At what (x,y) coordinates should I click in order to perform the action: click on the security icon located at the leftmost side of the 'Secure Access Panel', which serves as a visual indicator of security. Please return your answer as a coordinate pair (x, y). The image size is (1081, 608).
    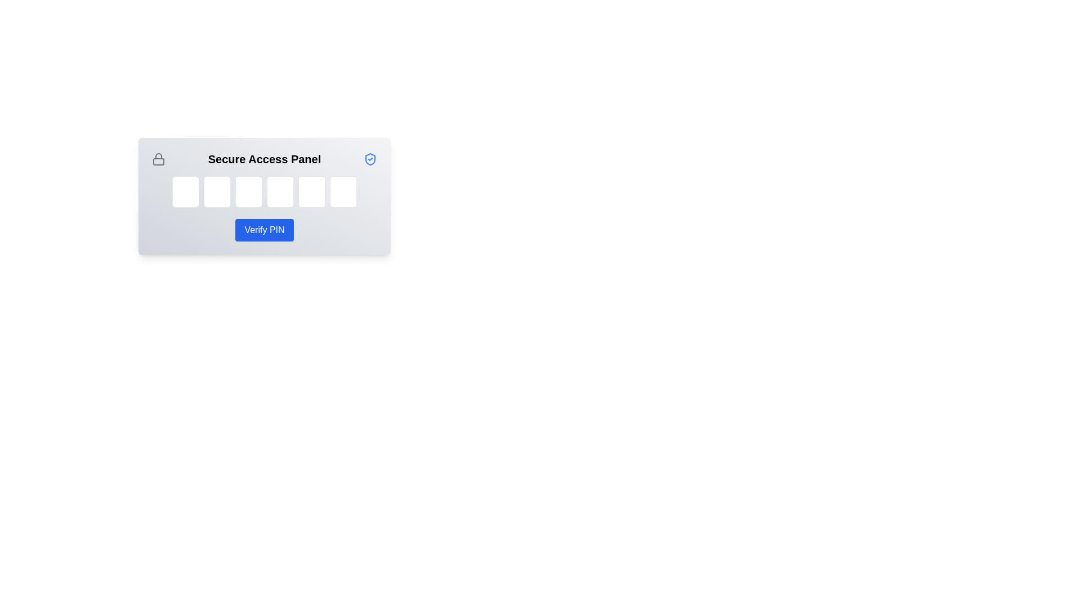
    Looking at the image, I should click on (158, 159).